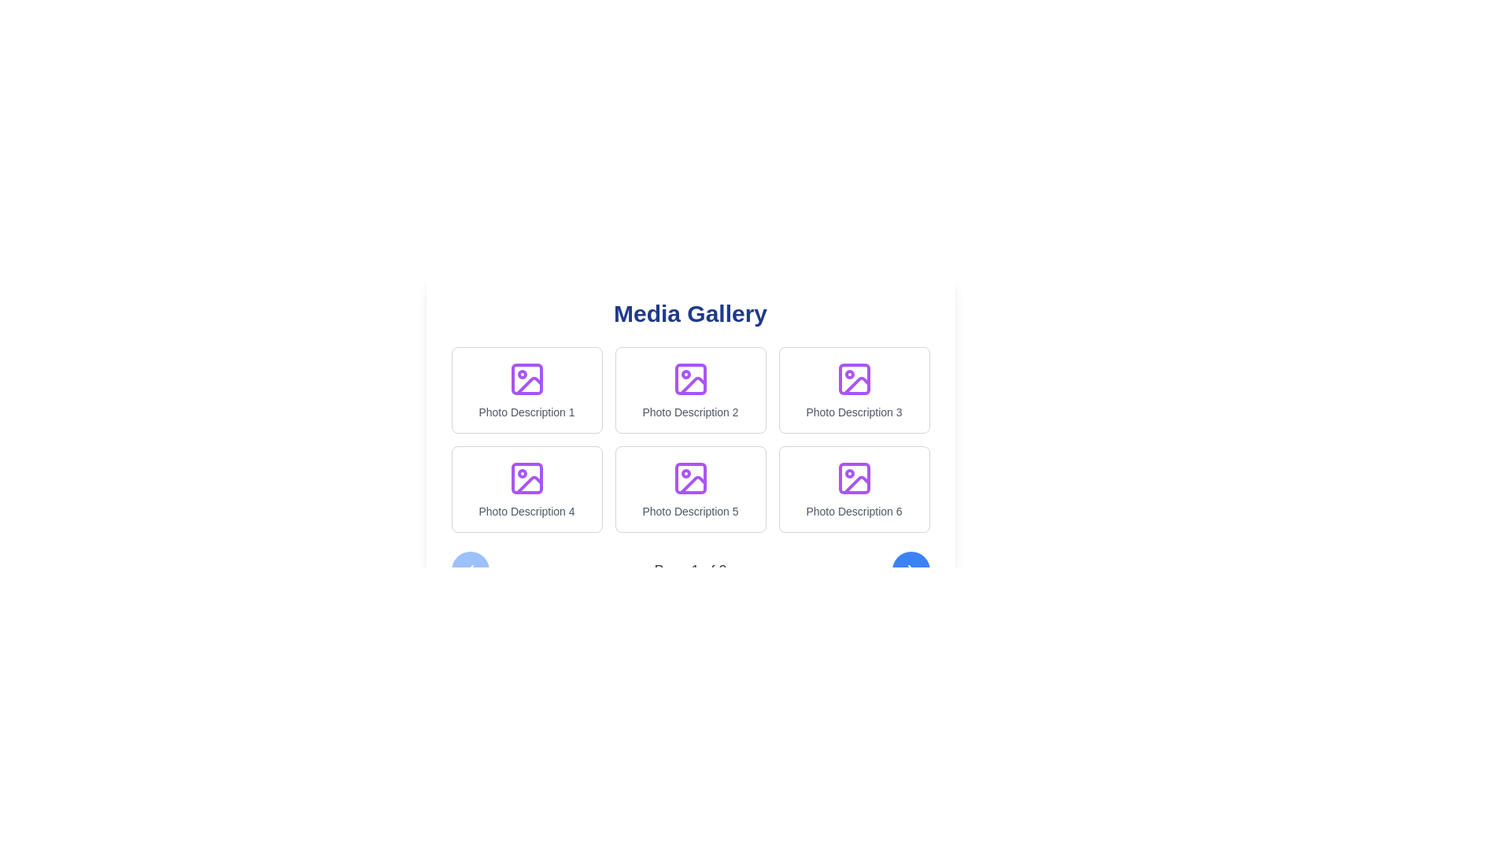 The image size is (1511, 850). Describe the element at coordinates (853, 379) in the screenshot. I see `the decorative shape located in the top-right section of the third picture icon in the media gallery` at that location.